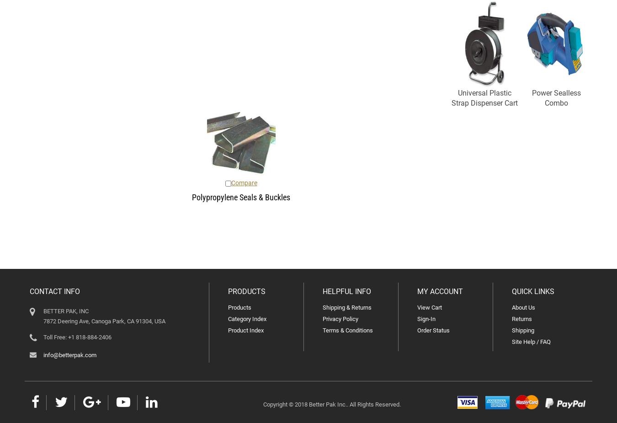 Image resolution: width=617 pixels, height=423 pixels. Describe the element at coordinates (522, 330) in the screenshot. I see `'Shipping'` at that location.